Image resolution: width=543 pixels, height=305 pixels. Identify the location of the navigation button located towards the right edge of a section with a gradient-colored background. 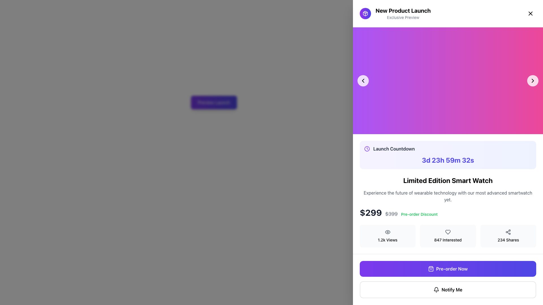
(532, 80).